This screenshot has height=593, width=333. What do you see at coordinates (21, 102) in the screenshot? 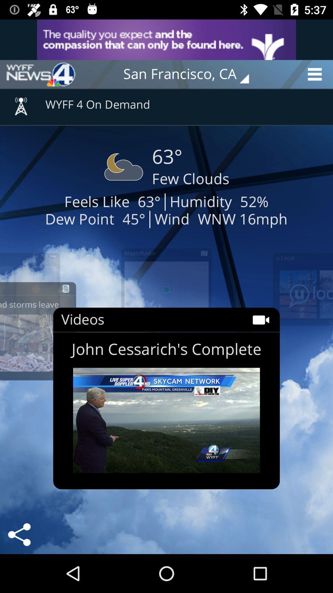
I see `the icon left of wyff 4 on demand` at bounding box center [21, 102].